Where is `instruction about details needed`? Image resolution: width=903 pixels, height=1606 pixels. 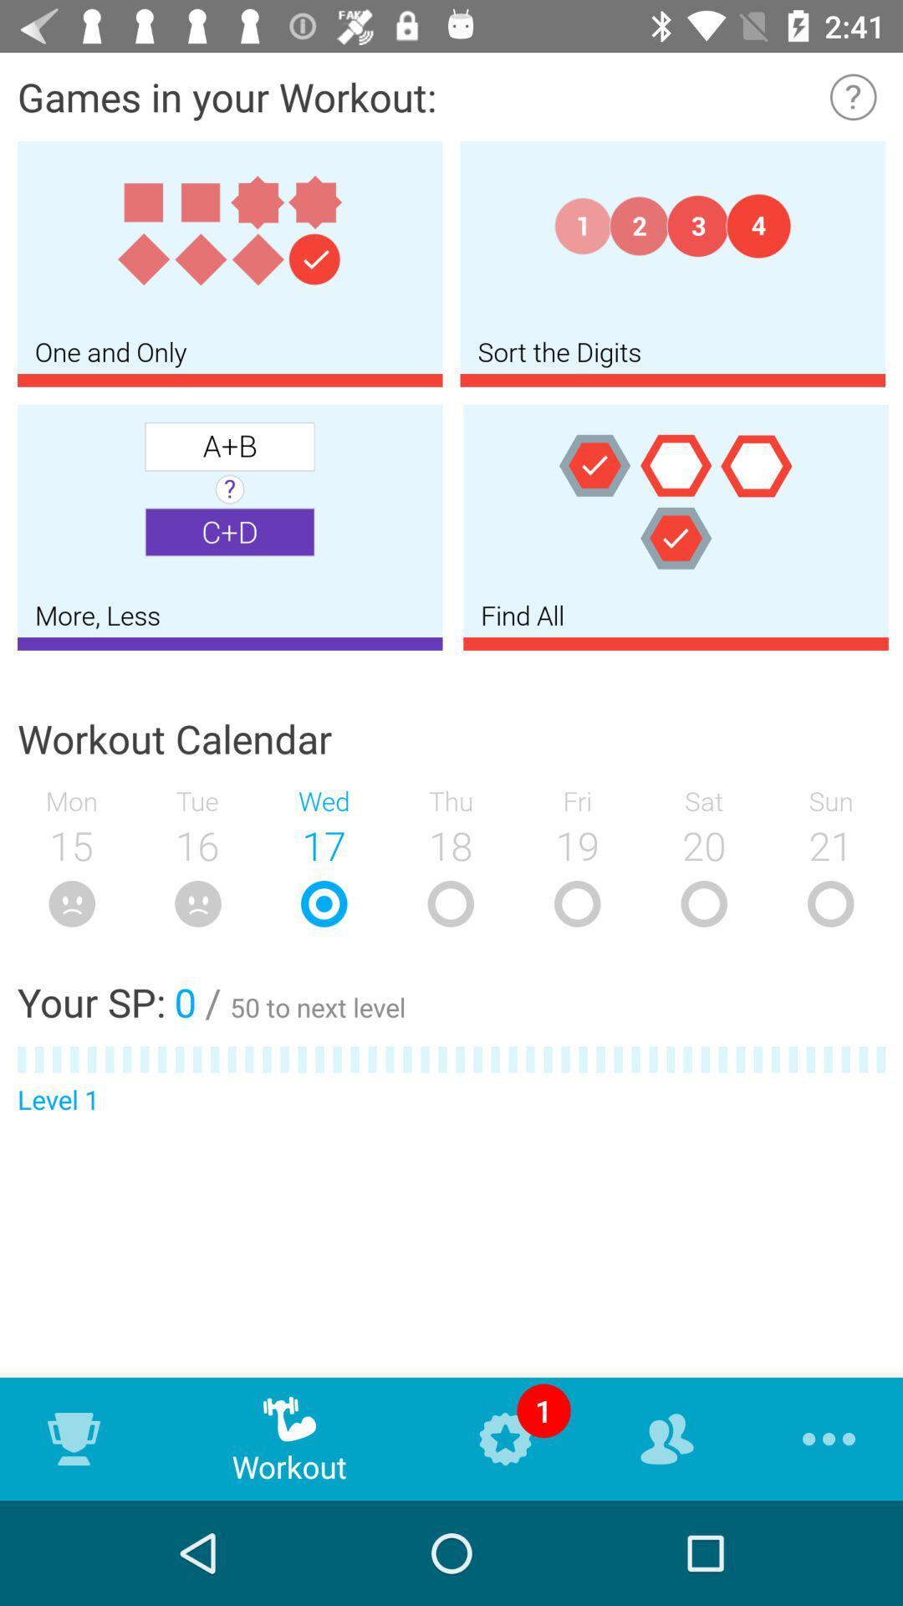
instruction about details needed is located at coordinates (853, 95).